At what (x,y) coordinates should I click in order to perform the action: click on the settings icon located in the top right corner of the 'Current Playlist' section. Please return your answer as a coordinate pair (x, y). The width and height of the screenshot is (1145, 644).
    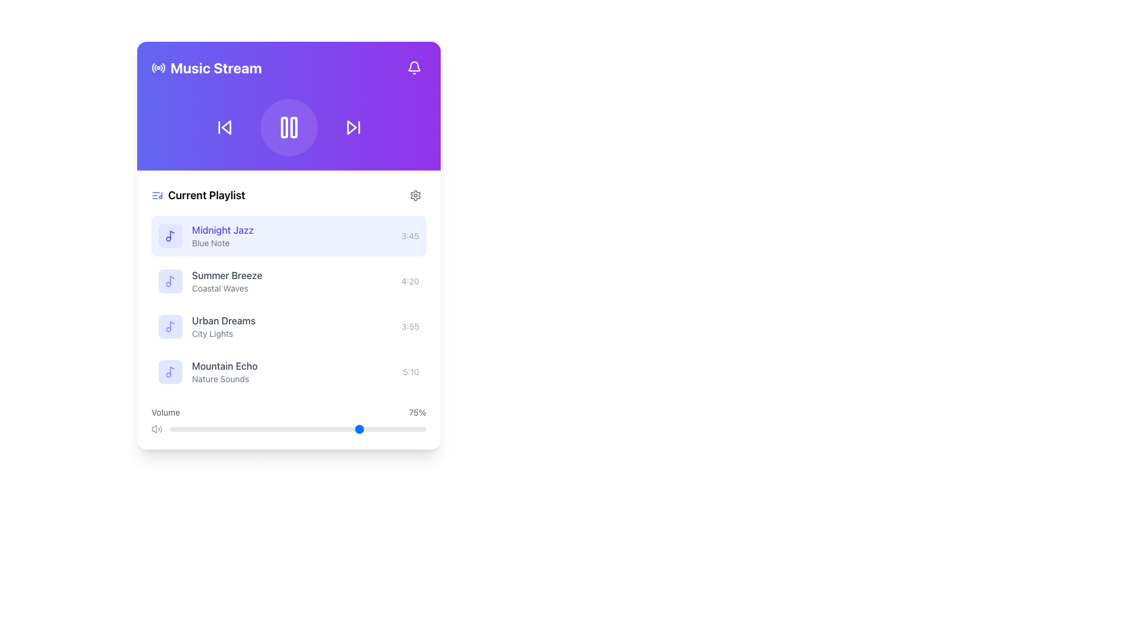
    Looking at the image, I should click on (415, 194).